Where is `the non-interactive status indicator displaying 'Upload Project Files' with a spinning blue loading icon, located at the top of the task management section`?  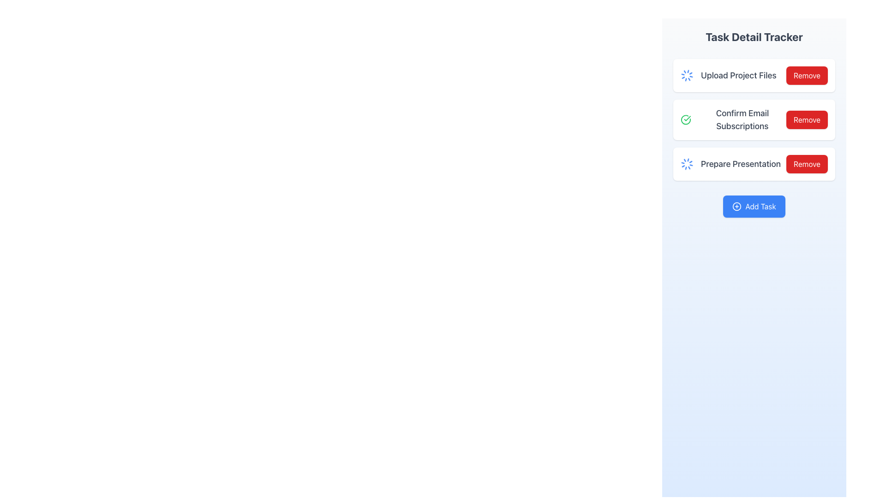 the non-interactive status indicator displaying 'Upload Project Files' with a spinning blue loading icon, located at the top of the task management section is located at coordinates (728, 75).